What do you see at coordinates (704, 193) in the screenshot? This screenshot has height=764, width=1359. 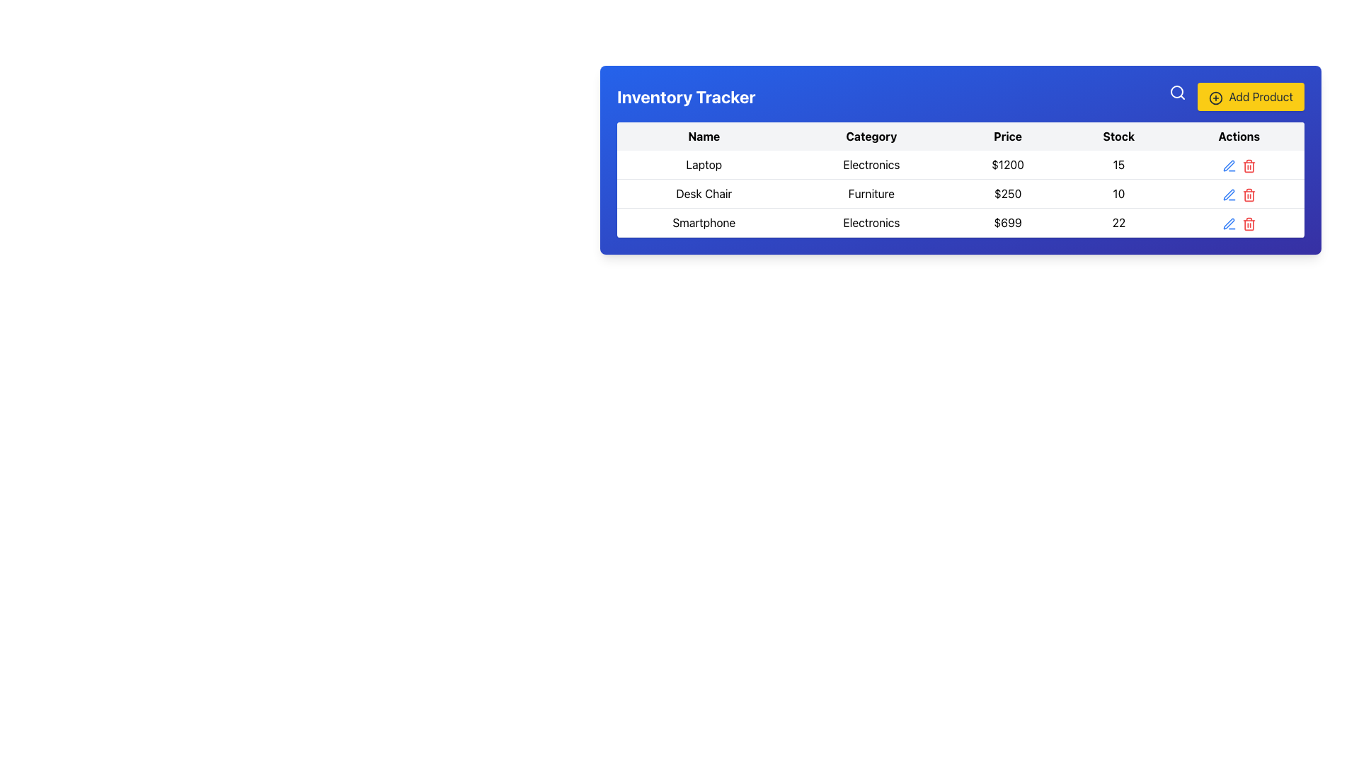 I see `text label 'Desk Chair' located in the second row of the inventory table under the 'Name' column` at bounding box center [704, 193].